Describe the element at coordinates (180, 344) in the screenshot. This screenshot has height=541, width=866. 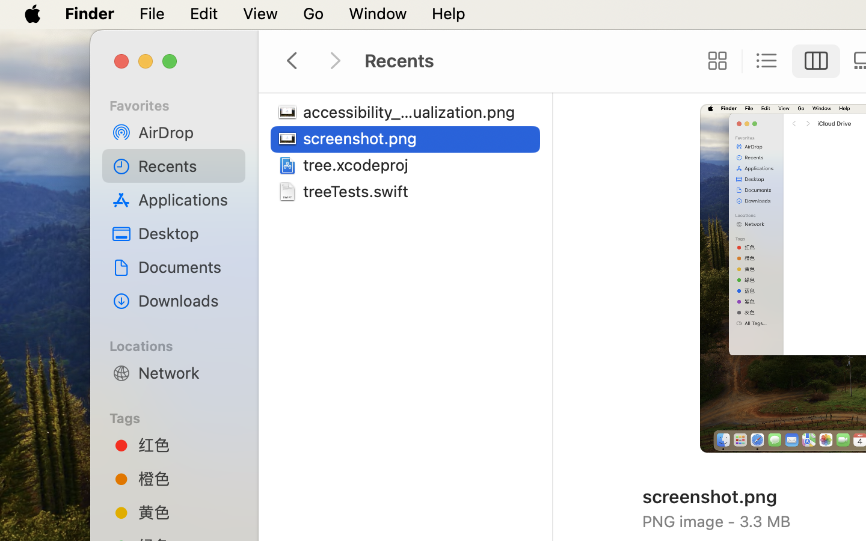
I see `'Locations'` at that location.